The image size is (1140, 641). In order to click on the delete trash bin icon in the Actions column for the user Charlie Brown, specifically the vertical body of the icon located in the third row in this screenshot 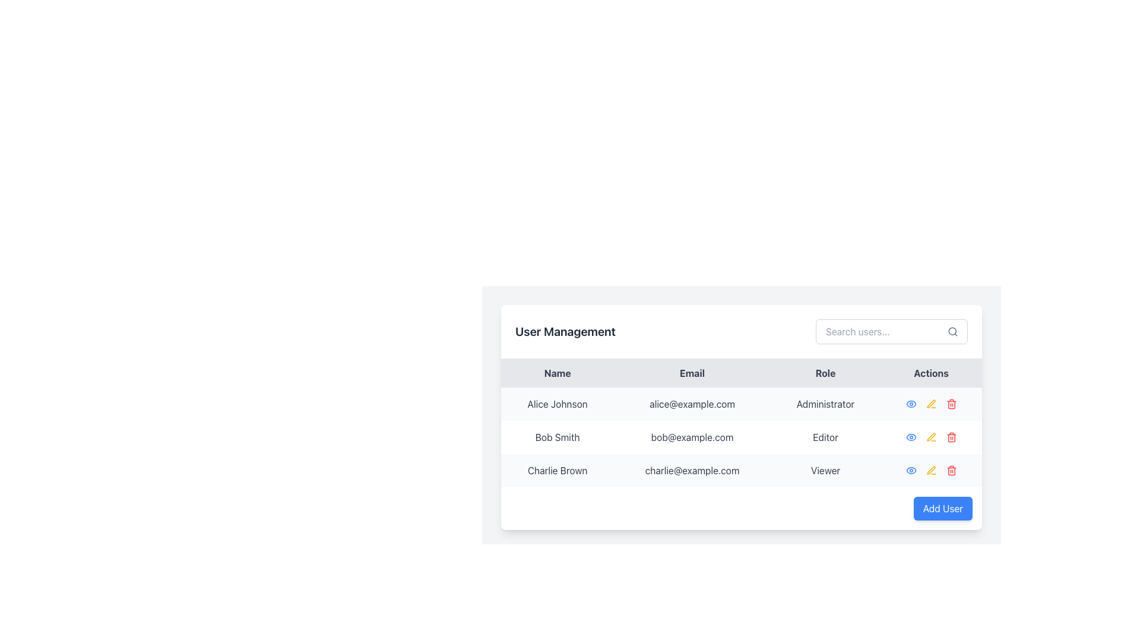, I will do `click(951, 404)`.